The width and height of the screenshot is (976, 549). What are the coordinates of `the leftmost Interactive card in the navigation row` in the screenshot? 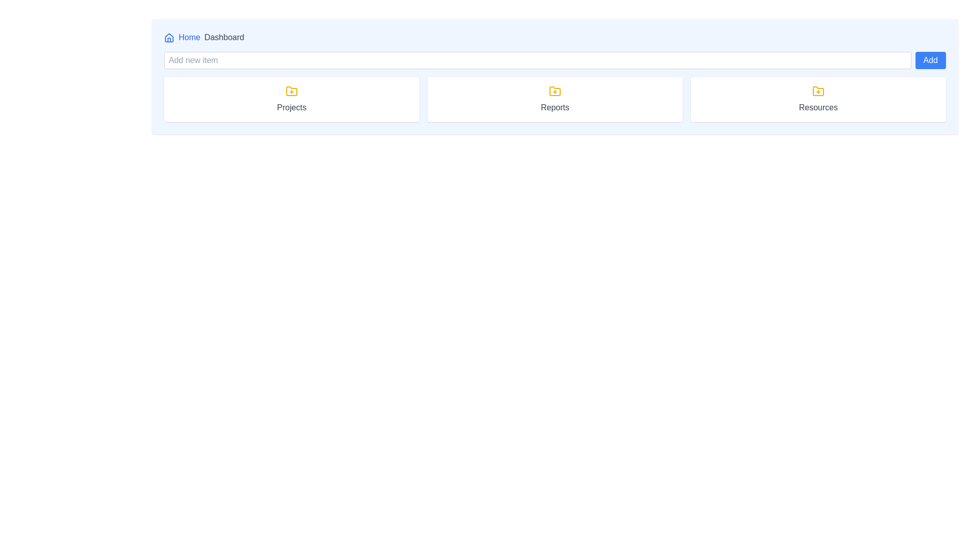 It's located at (291, 100).